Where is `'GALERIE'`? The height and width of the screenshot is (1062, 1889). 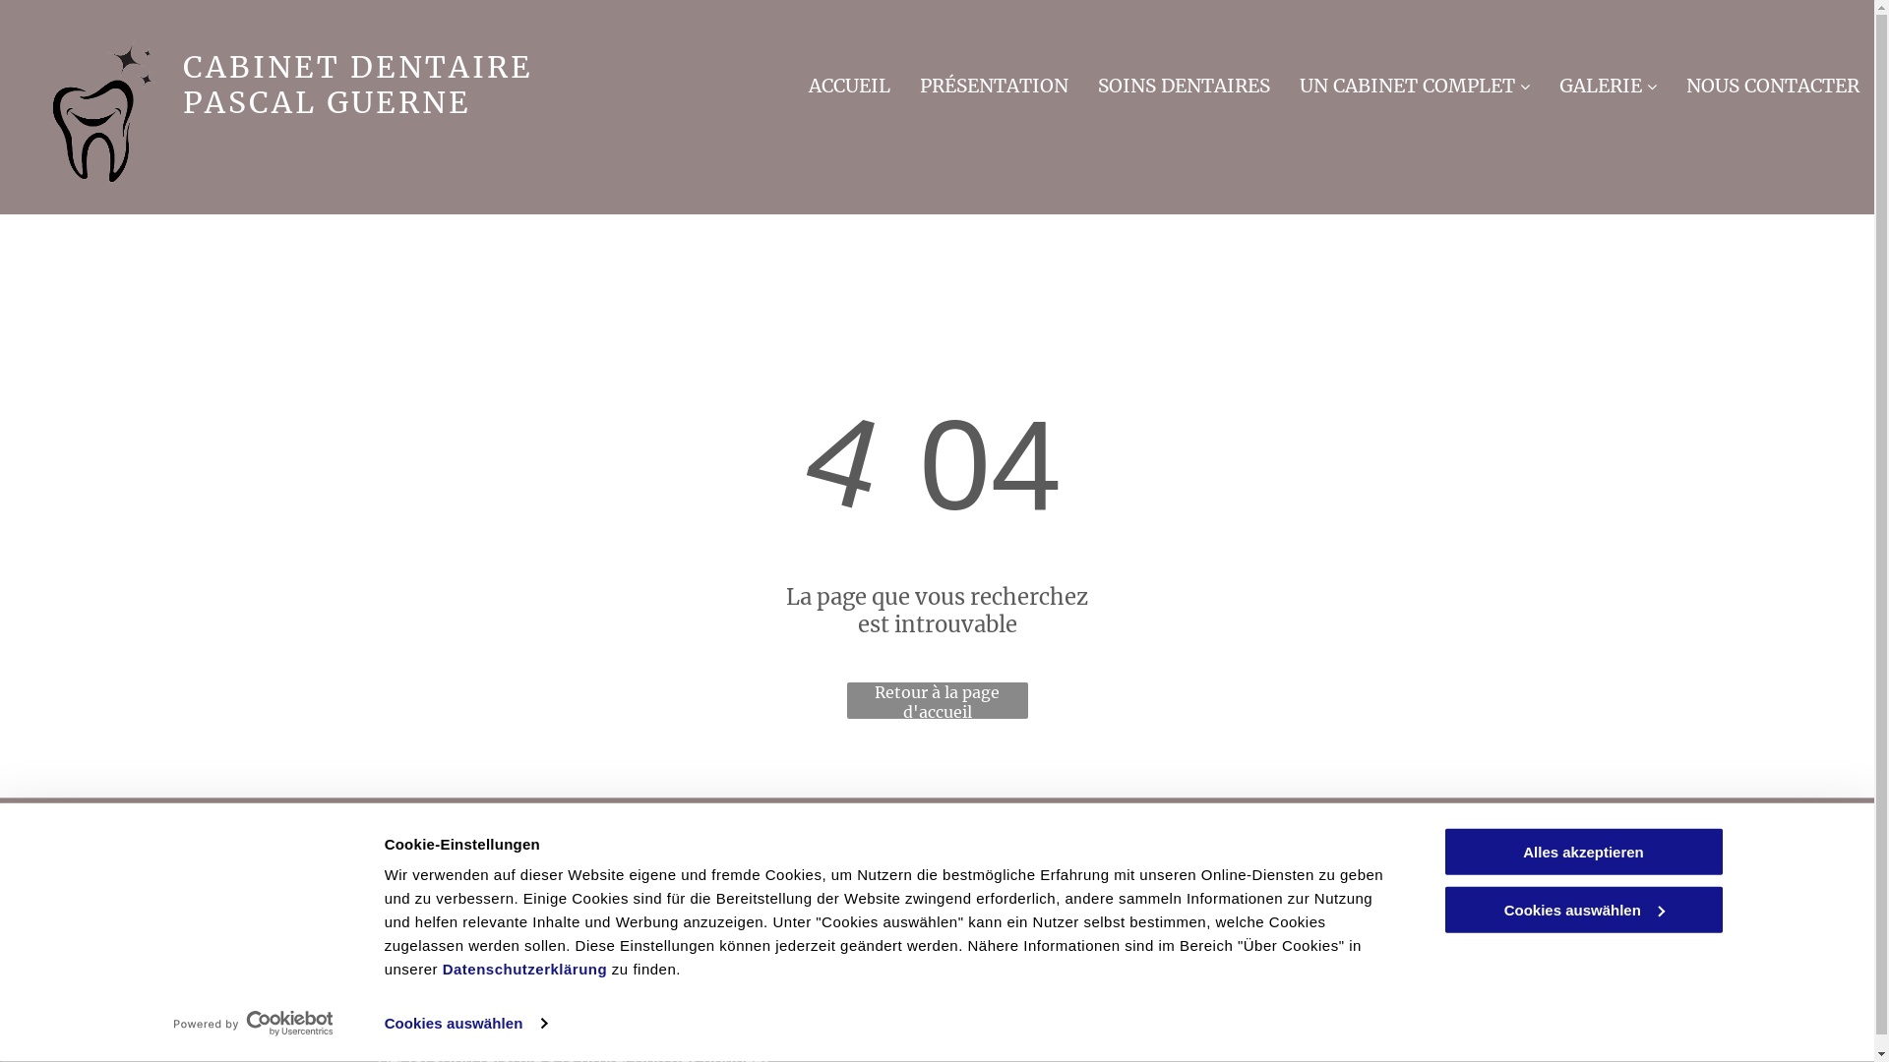 'GALERIE' is located at coordinates (1608, 82).